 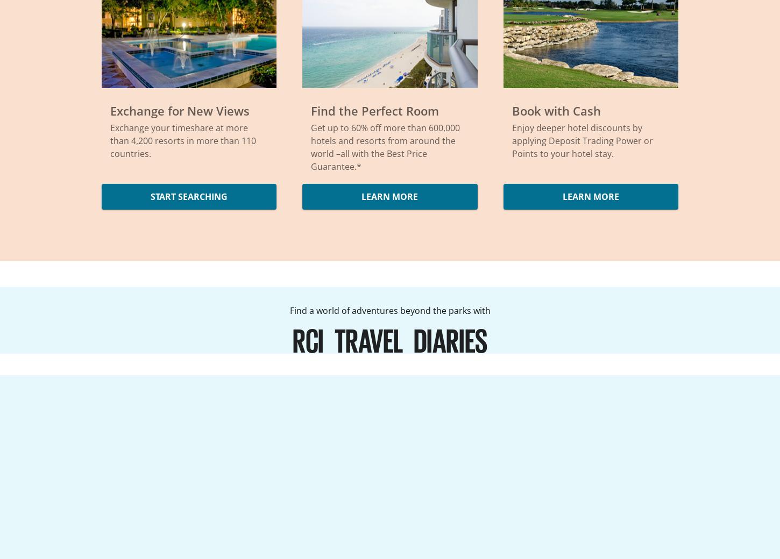 What do you see at coordinates (374, 111) in the screenshot?
I see `'Find the Perfect Room'` at bounding box center [374, 111].